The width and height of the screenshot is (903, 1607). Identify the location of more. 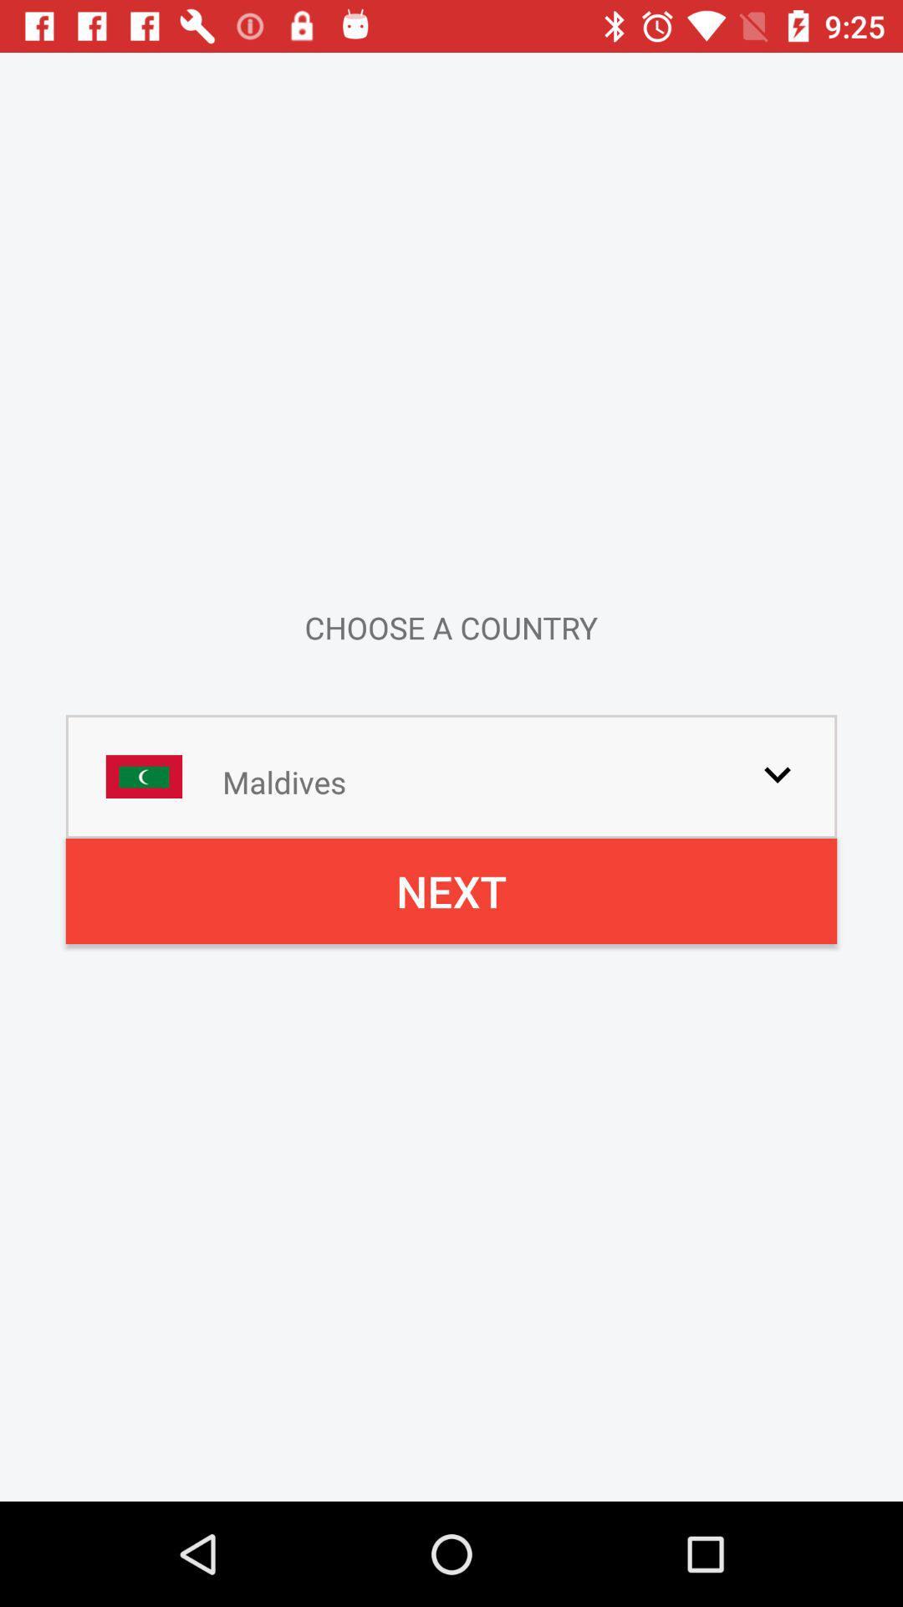
(777, 773).